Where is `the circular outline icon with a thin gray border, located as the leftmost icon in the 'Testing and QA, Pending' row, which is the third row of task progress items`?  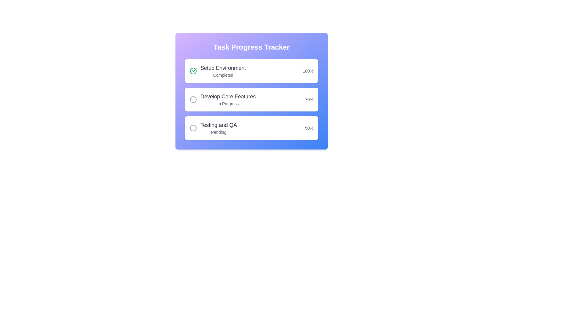
the circular outline icon with a thin gray border, located as the leftmost icon in the 'Testing and QA, Pending' row, which is the third row of task progress items is located at coordinates (193, 128).